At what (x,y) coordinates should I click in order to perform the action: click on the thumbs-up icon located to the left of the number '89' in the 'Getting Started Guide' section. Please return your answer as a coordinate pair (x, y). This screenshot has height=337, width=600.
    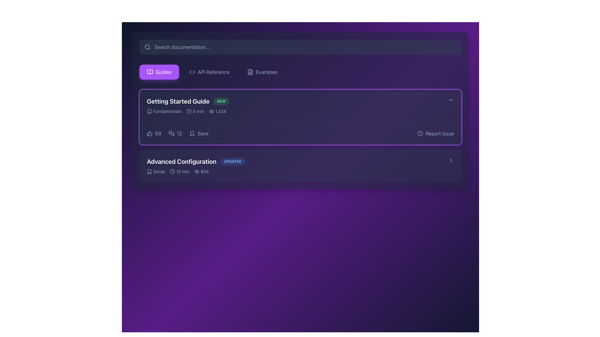
    Looking at the image, I should click on (149, 133).